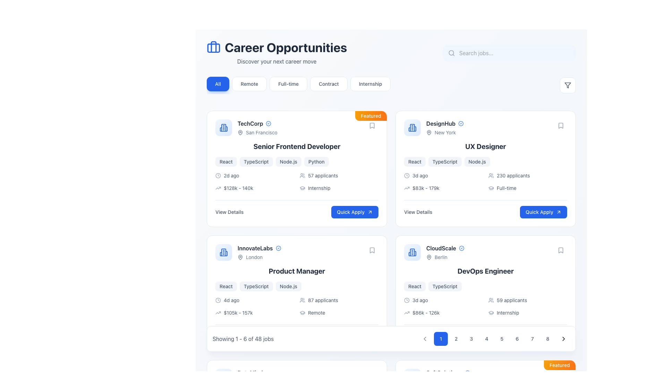 The image size is (666, 375). I want to click on the rounded square button labeled '6', so click(517, 338).